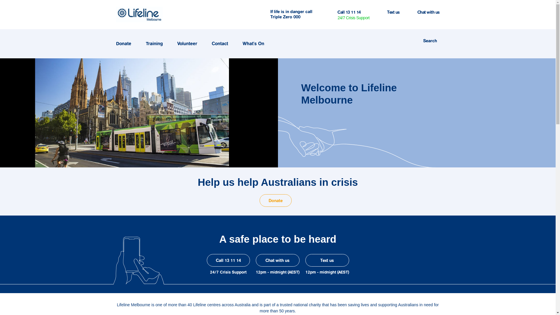  Describe the element at coordinates (157, 43) in the screenshot. I see `'Training'` at that location.